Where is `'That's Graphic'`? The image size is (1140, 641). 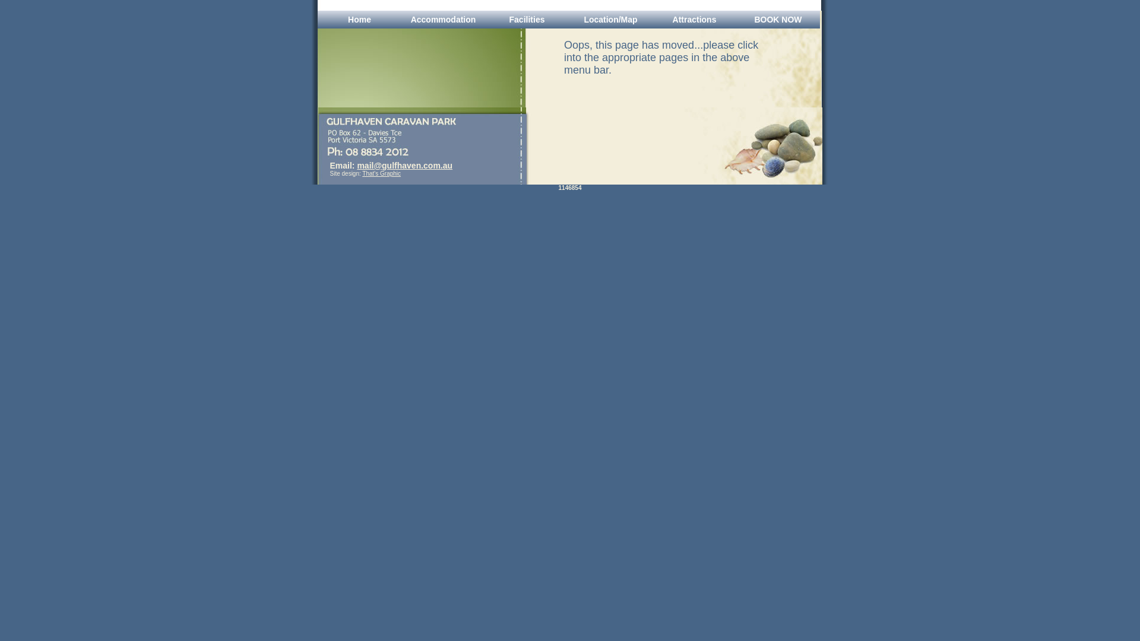
'That's Graphic' is located at coordinates (381, 173).